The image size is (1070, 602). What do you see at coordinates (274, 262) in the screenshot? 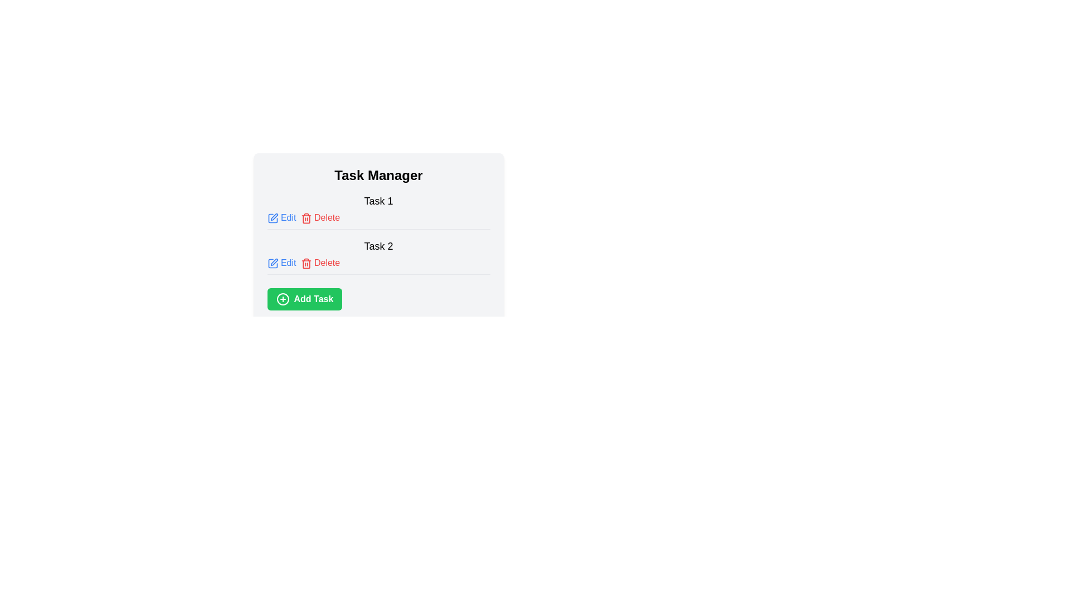
I see `the editing icon button located in the editing section of Task 2` at bounding box center [274, 262].